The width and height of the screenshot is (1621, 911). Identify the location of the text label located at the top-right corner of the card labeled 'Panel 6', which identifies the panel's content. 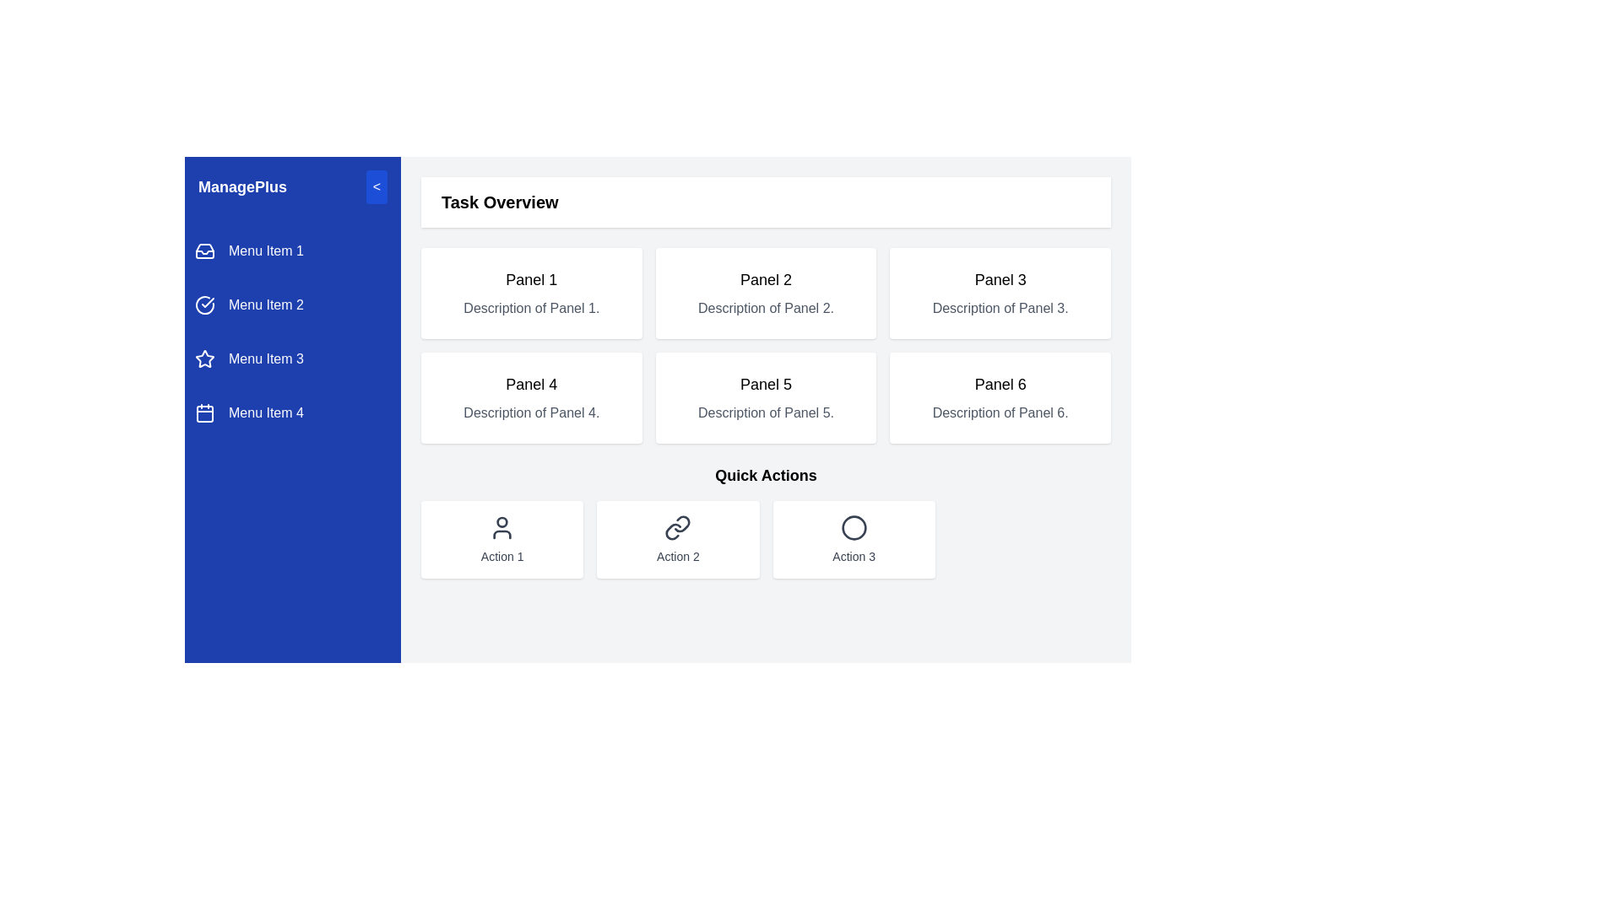
(1000, 384).